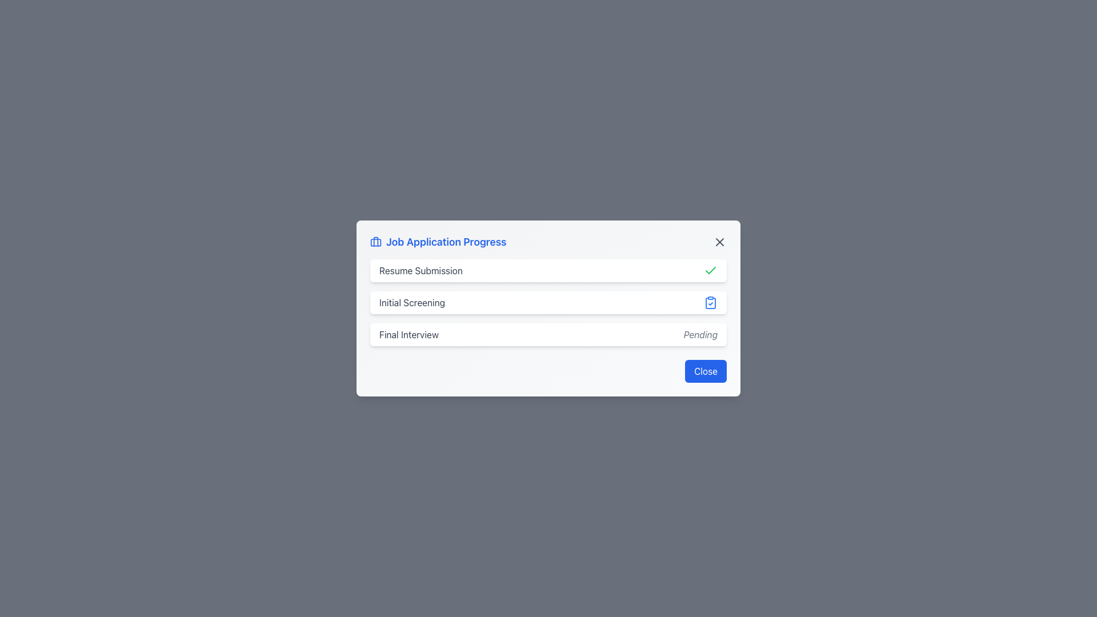  What do you see at coordinates (375, 242) in the screenshot?
I see `the 'Job Application Progress' icon, which is a briefcase symbol located at the top left of the popup component` at bounding box center [375, 242].